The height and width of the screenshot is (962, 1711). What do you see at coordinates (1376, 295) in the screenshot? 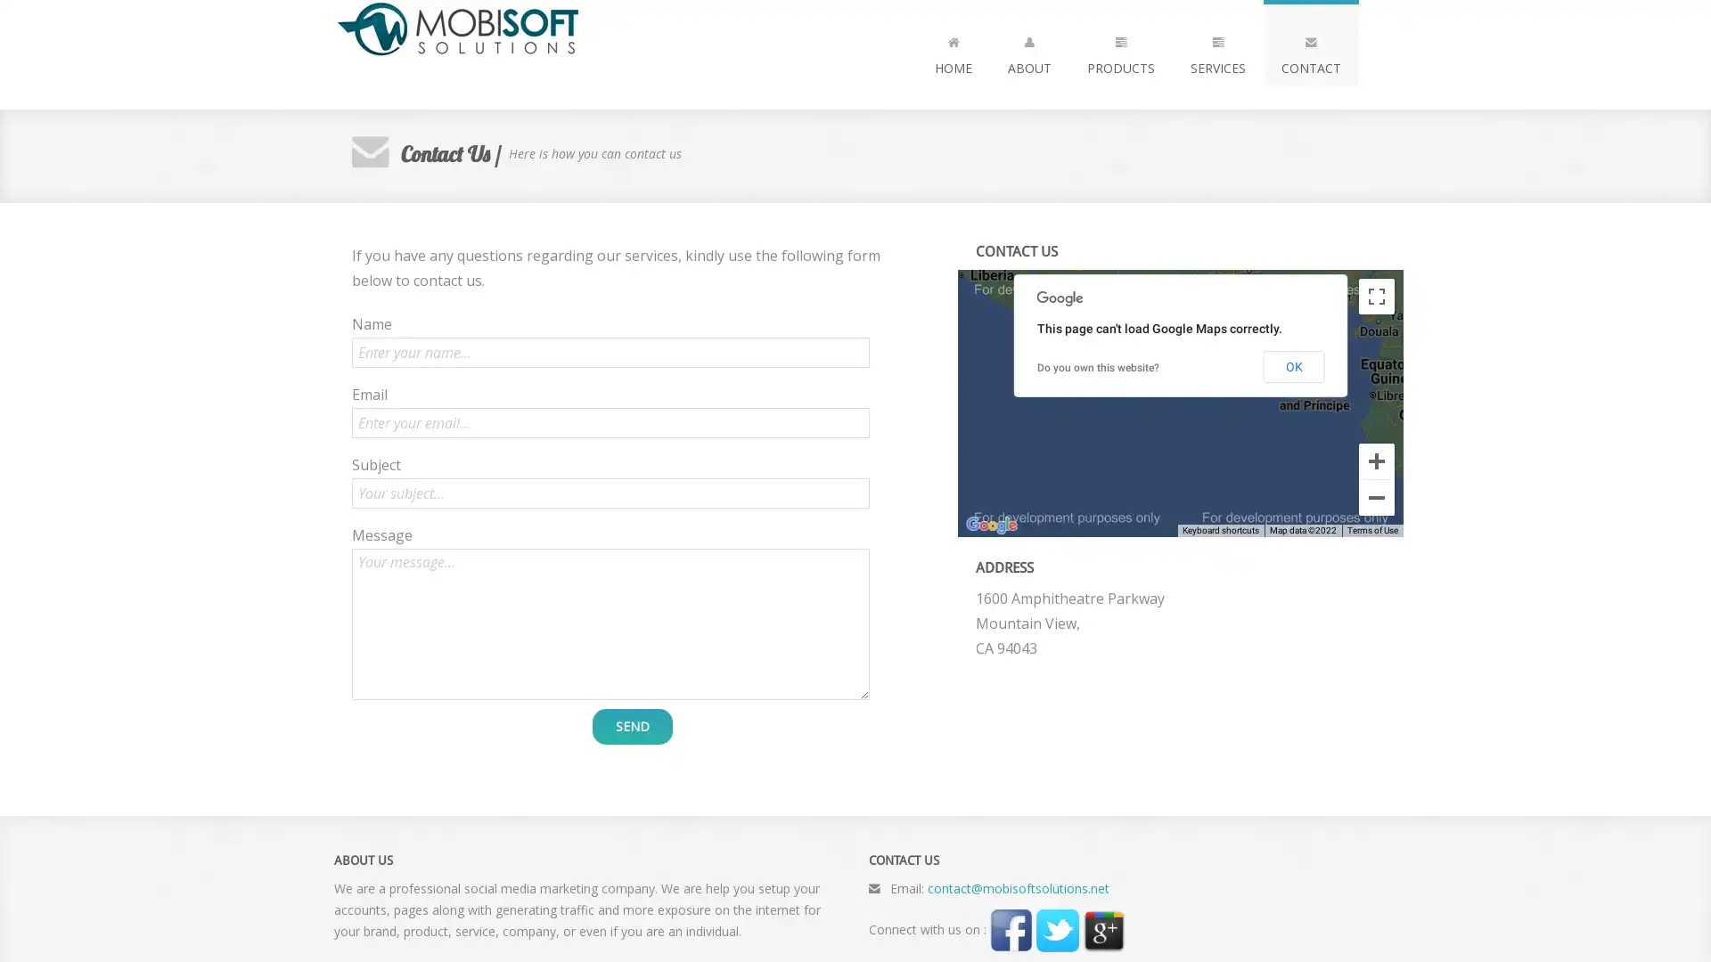
I see `Toggle fullscreen view` at bounding box center [1376, 295].